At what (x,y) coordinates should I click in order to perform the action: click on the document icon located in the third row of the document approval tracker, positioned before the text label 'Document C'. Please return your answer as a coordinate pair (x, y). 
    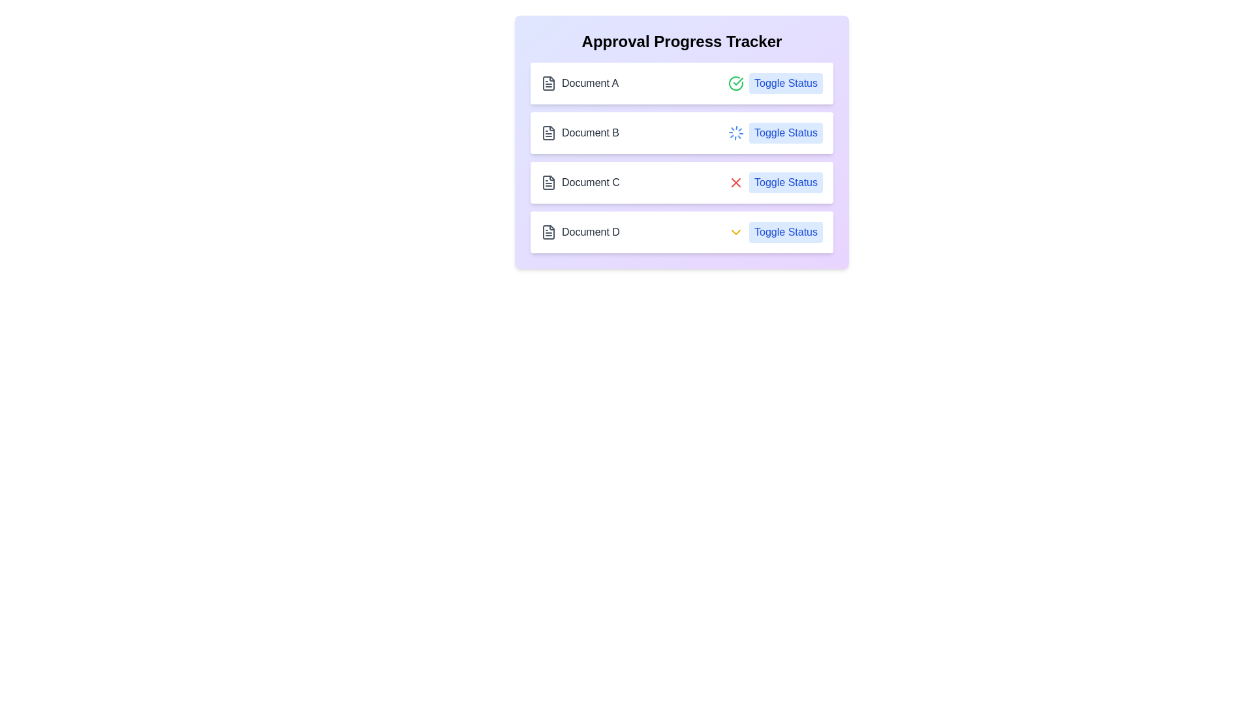
    Looking at the image, I should click on (548, 183).